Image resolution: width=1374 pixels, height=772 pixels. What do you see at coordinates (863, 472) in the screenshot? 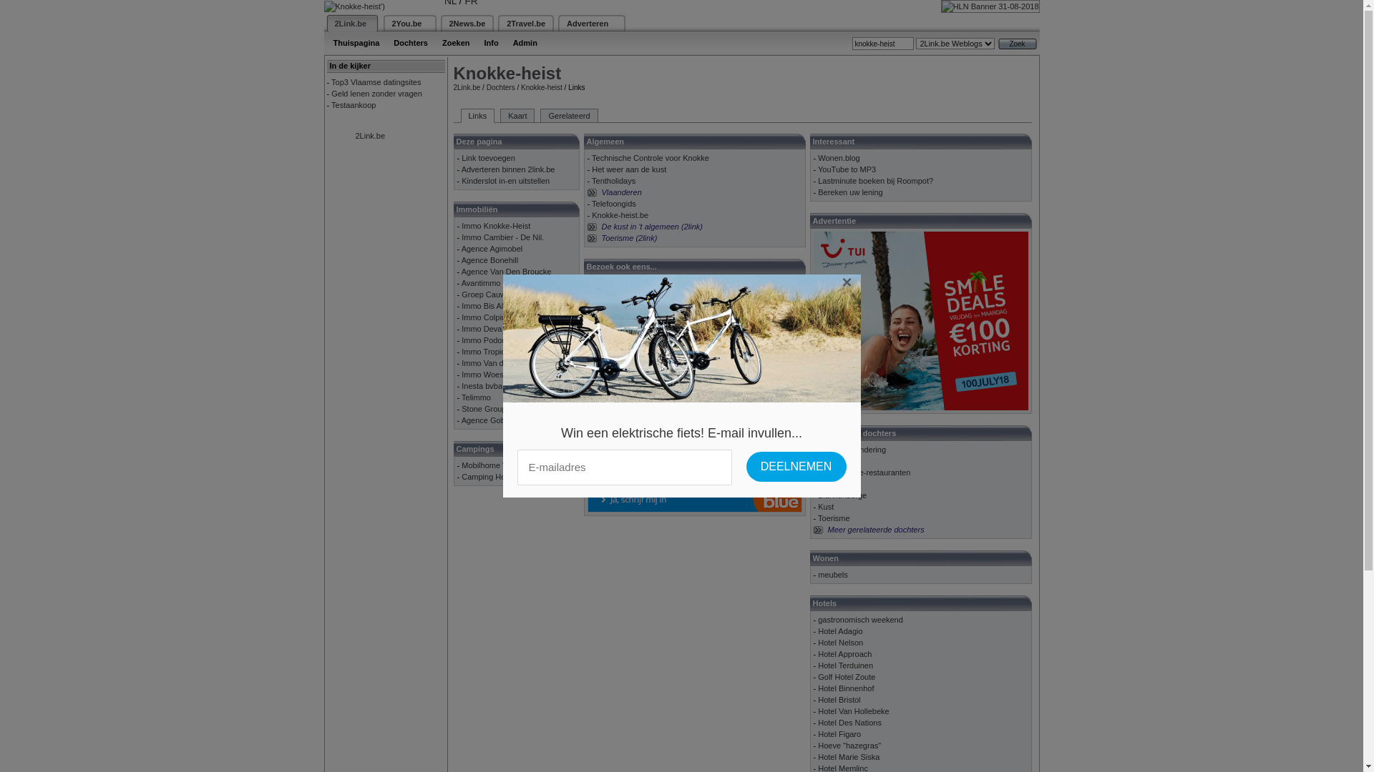
I see `'Vegetarische-restauranten'` at bounding box center [863, 472].